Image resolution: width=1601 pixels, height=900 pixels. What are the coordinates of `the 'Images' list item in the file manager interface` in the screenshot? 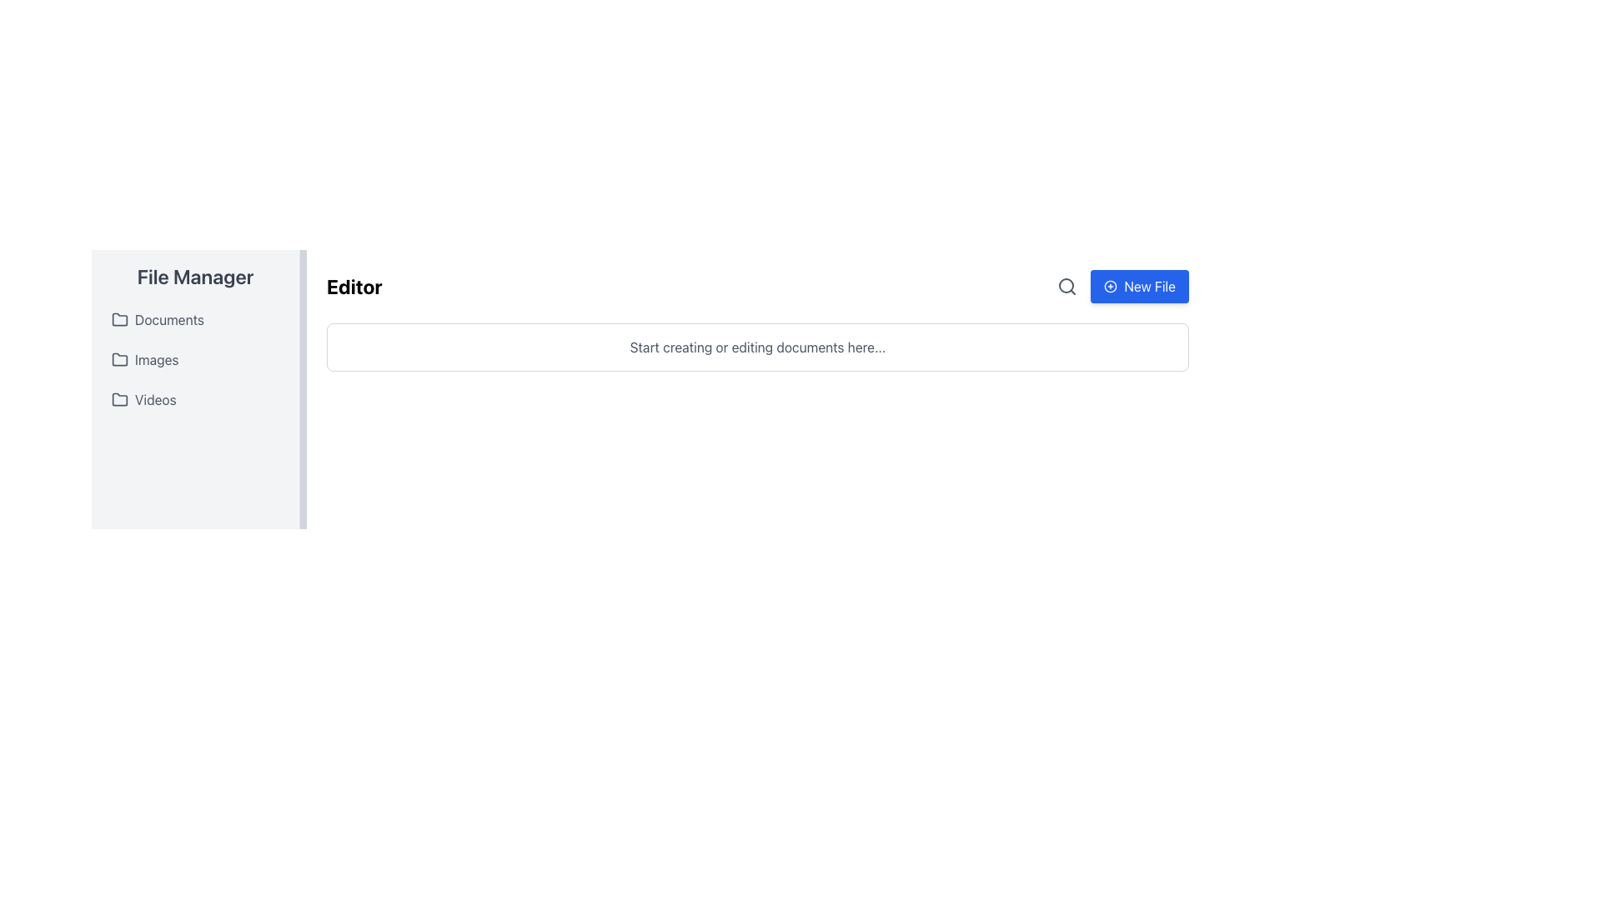 It's located at (195, 359).